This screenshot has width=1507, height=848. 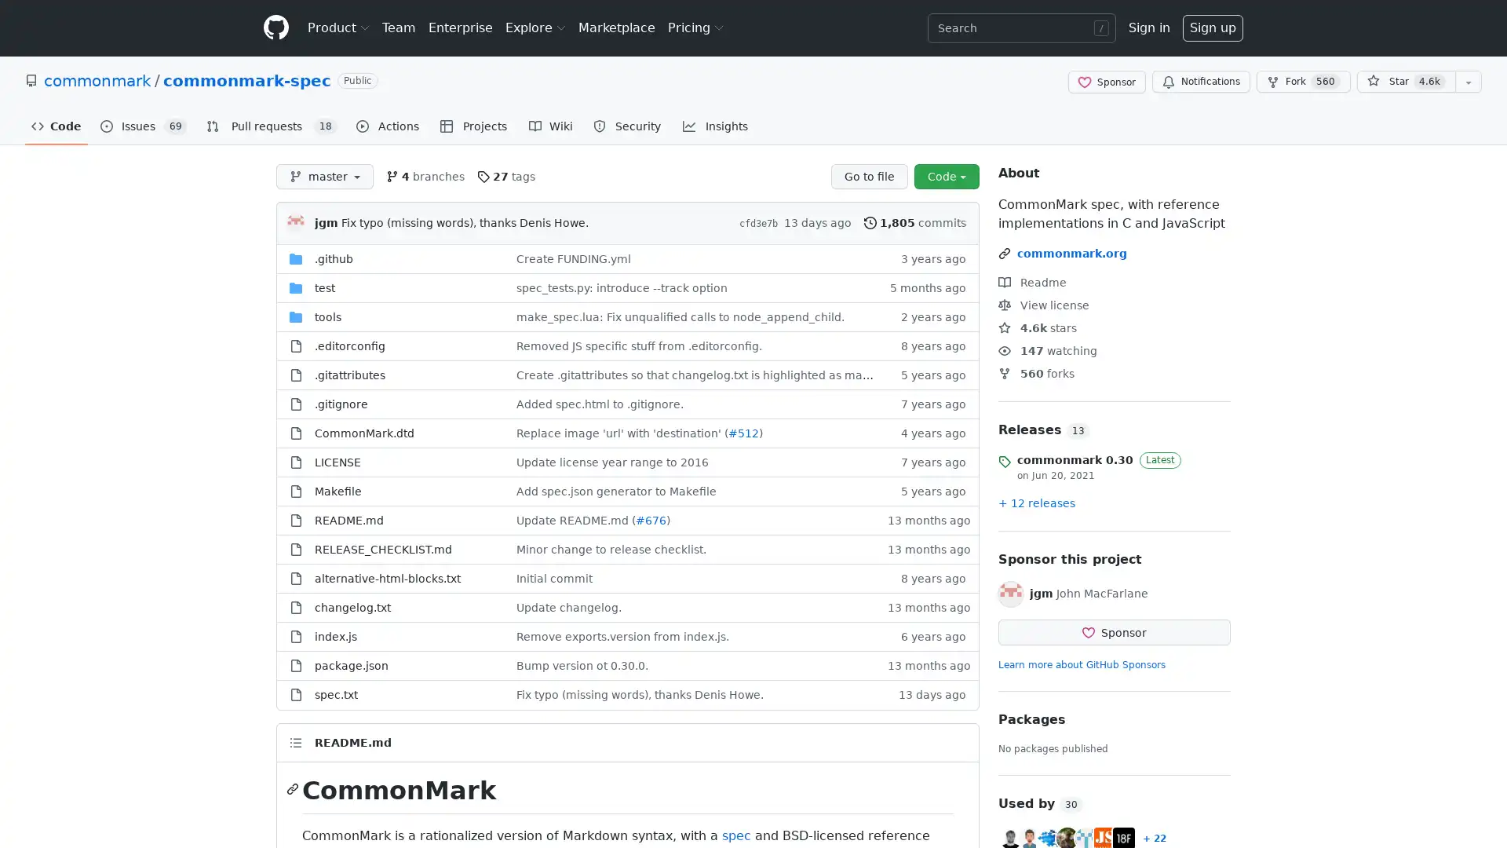 What do you see at coordinates (1468, 82) in the screenshot?
I see `You must be signed in to add this repository to a list` at bounding box center [1468, 82].